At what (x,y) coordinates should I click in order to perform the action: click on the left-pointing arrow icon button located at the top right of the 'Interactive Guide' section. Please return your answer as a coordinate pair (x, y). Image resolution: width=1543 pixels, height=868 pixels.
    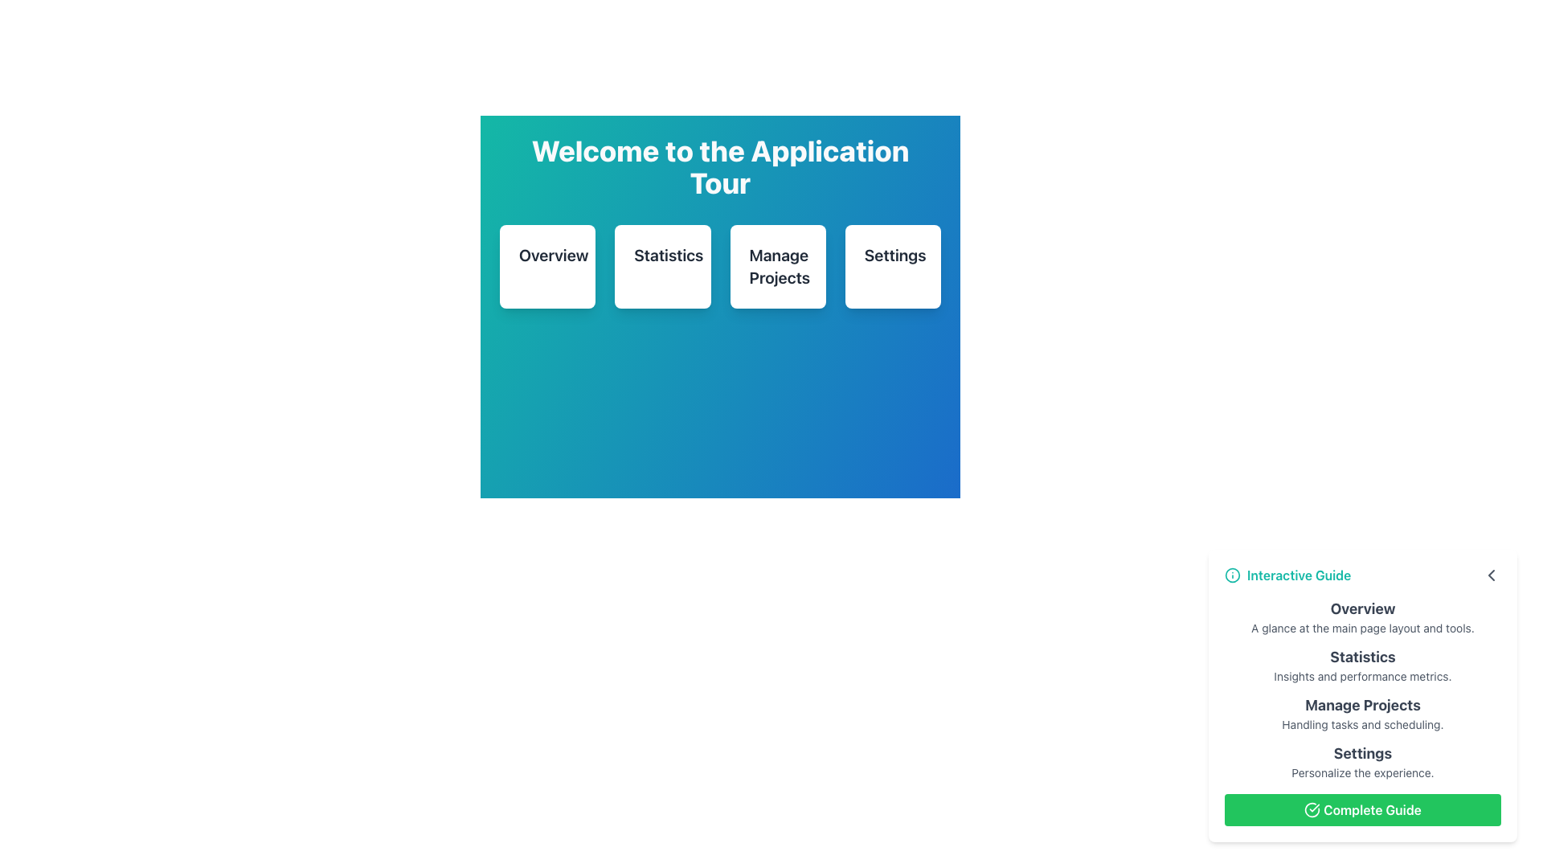
    Looking at the image, I should click on (1491, 575).